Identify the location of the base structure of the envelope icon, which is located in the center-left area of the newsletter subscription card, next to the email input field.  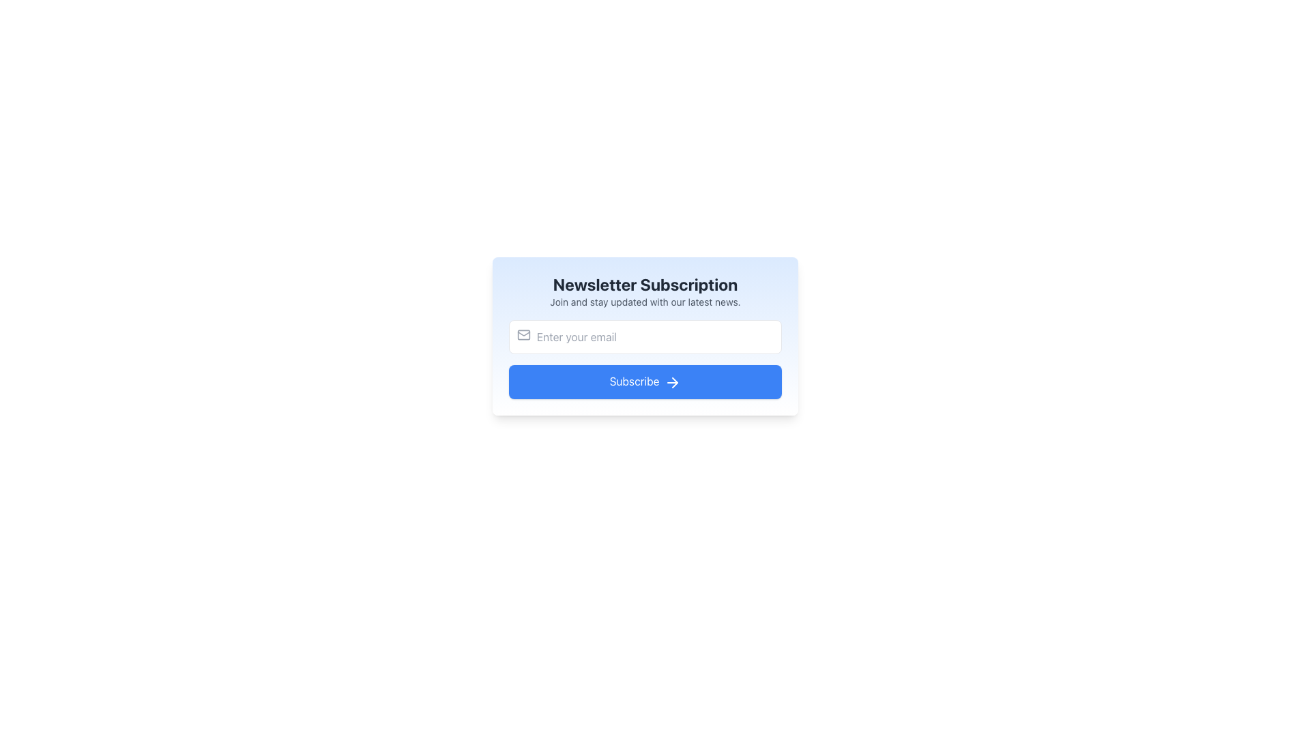
(523, 334).